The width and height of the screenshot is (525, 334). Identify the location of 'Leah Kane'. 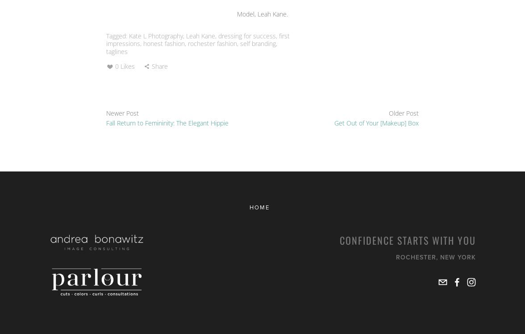
(186, 35).